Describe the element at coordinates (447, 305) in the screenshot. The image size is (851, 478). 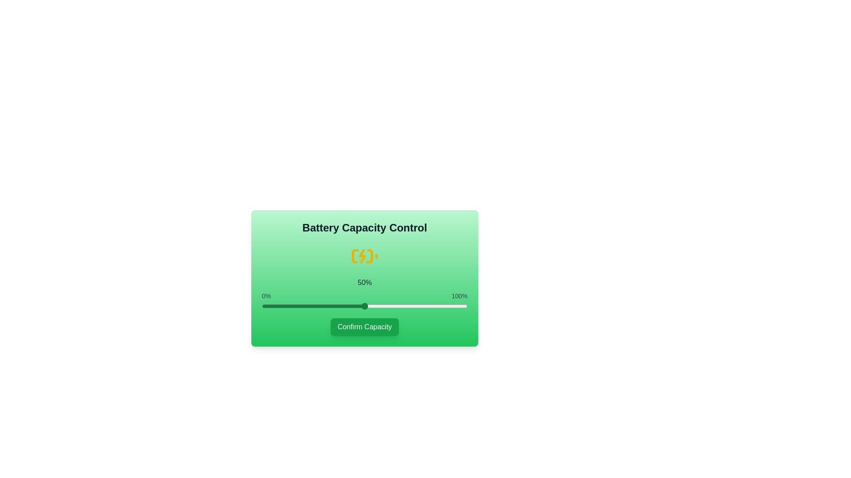
I see `the battery capacity slider to 90% to observe the icon change` at that location.